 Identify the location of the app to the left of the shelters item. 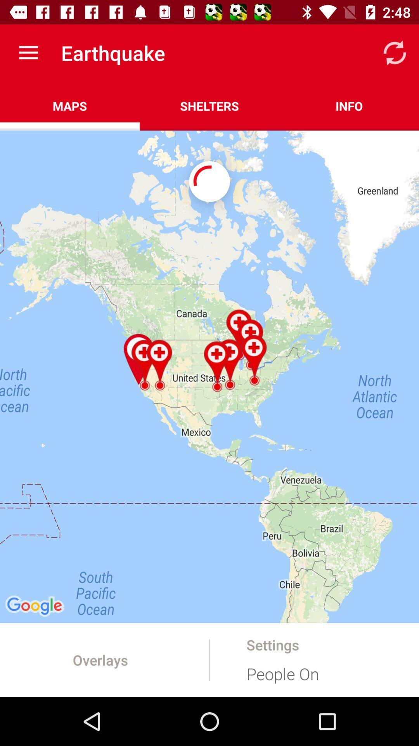
(70, 106).